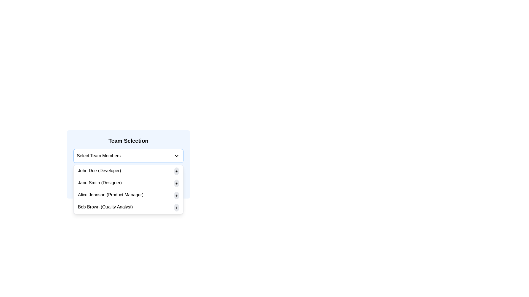  Describe the element at coordinates (176, 208) in the screenshot. I see `the small circular button with a '+' symbol, which has a light gray background and is located to the right of 'Bob Brown (Quality Analyst)' in the fourth row` at that location.